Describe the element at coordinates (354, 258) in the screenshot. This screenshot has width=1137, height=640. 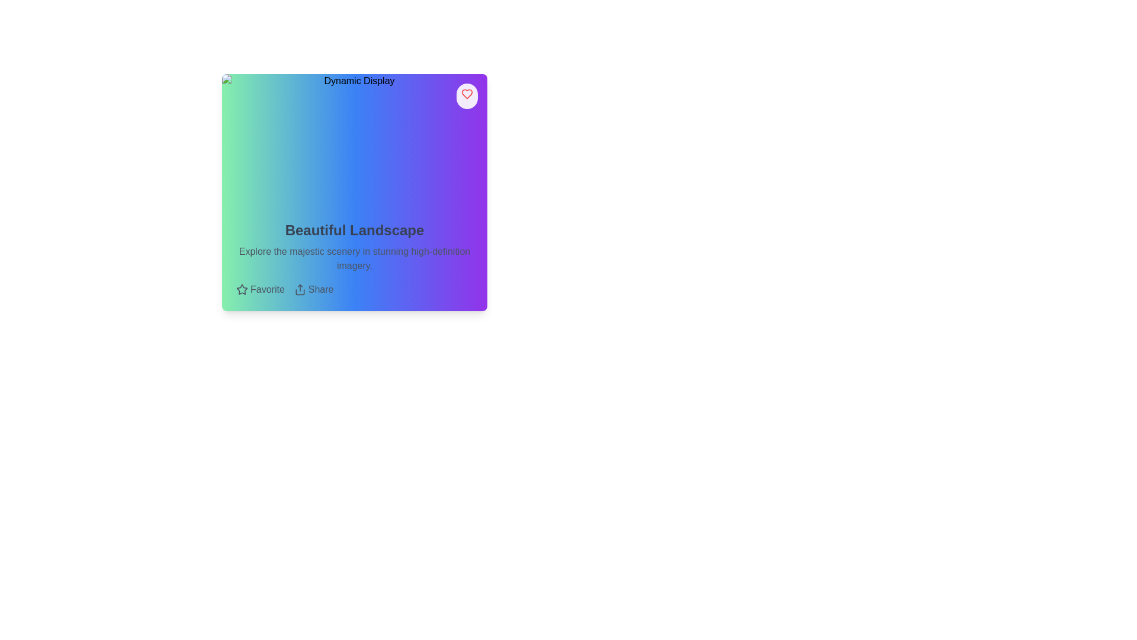
I see `the descriptive text block located directly below the heading 'Beautiful Landscape', which provides additional detail about the visual appeal of the content` at that location.